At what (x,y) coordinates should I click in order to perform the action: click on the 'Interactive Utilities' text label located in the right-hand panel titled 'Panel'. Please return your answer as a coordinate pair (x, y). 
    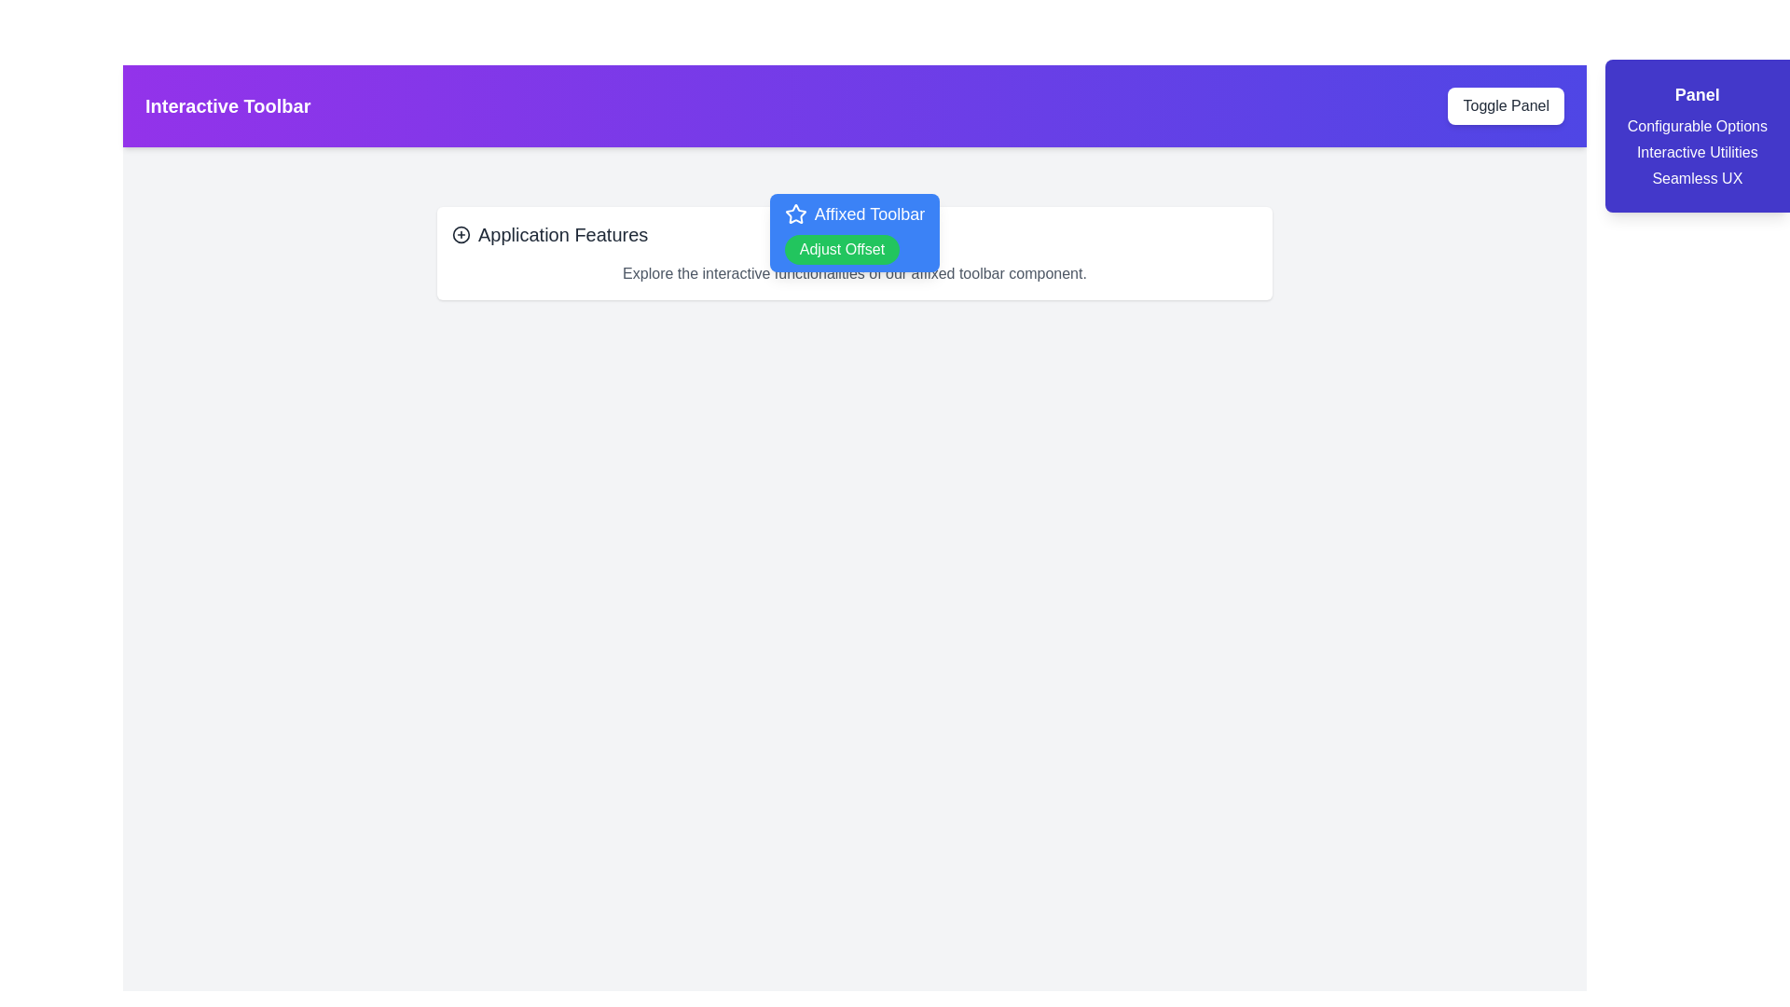
    Looking at the image, I should click on (1697, 152).